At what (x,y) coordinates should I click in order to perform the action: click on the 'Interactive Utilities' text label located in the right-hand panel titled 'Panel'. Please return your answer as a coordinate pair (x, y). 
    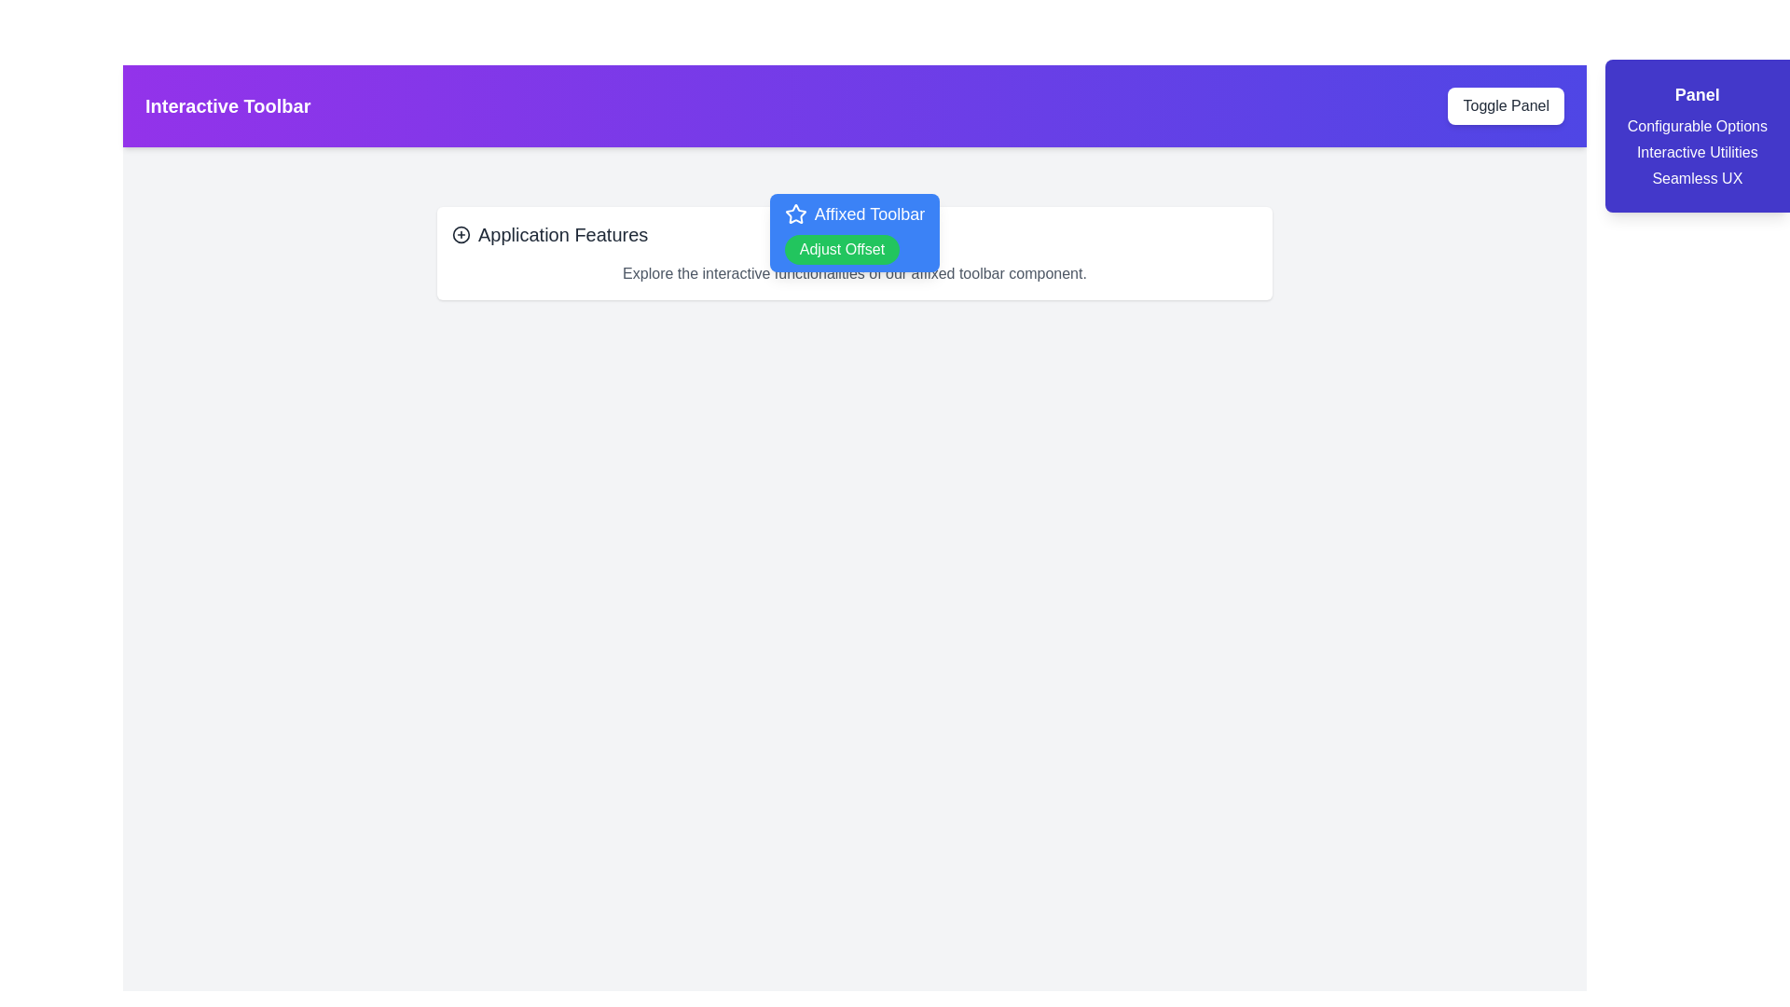
    Looking at the image, I should click on (1697, 152).